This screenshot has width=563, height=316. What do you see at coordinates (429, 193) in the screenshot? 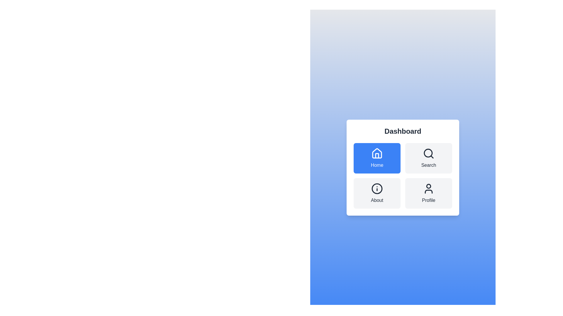
I see `the navigation button located in the bottom-right position of a 2x2 grid layout` at bounding box center [429, 193].